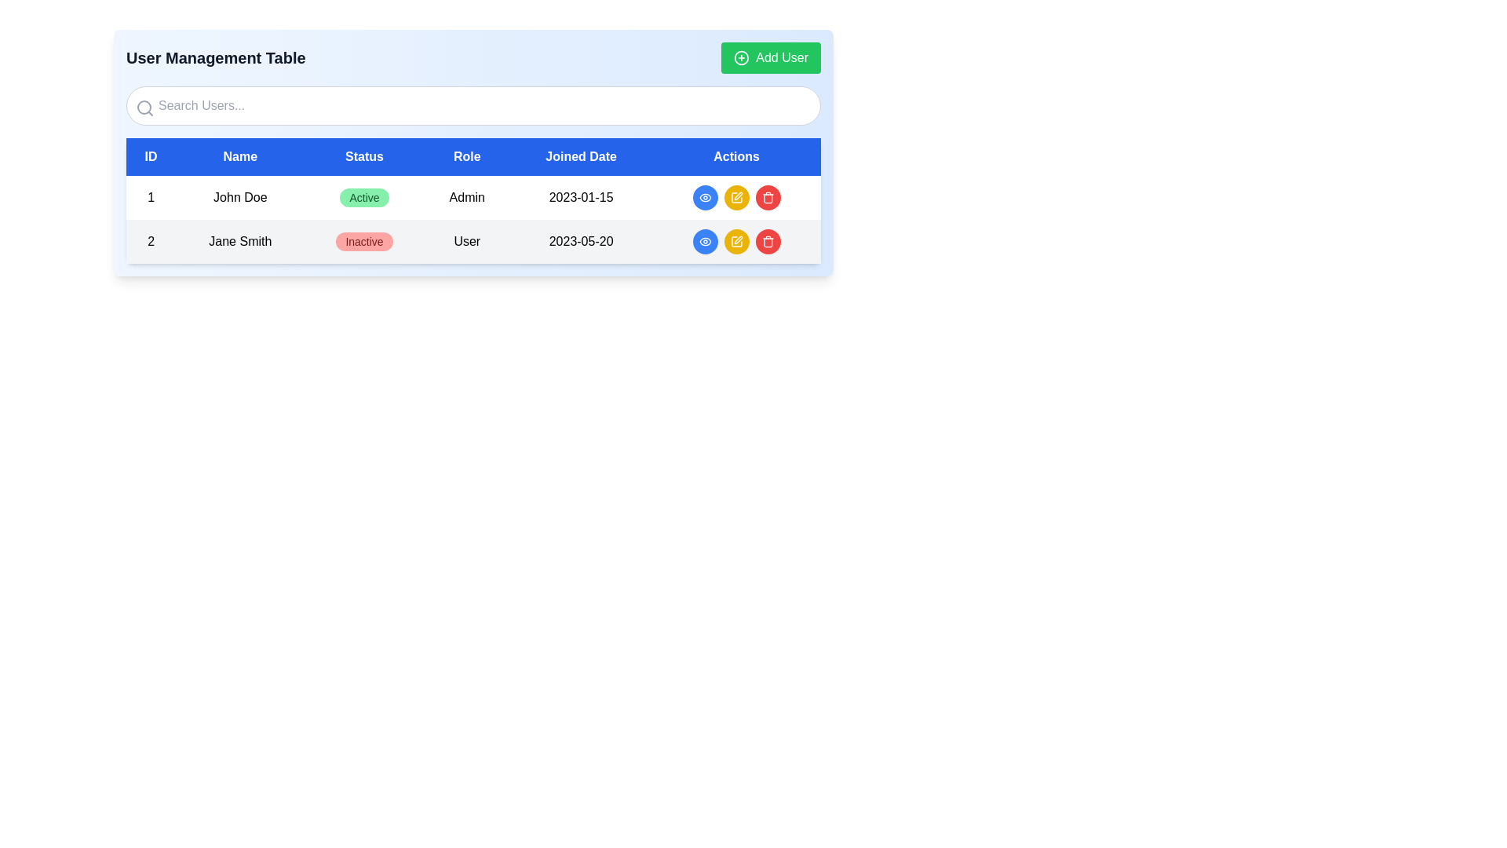  What do you see at coordinates (580, 157) in the screenshot?
I see `the 'Joined Date' table header cell, which is styled as a button with white text on a blue background, to interact with table features` at bounding box center [580, 157].